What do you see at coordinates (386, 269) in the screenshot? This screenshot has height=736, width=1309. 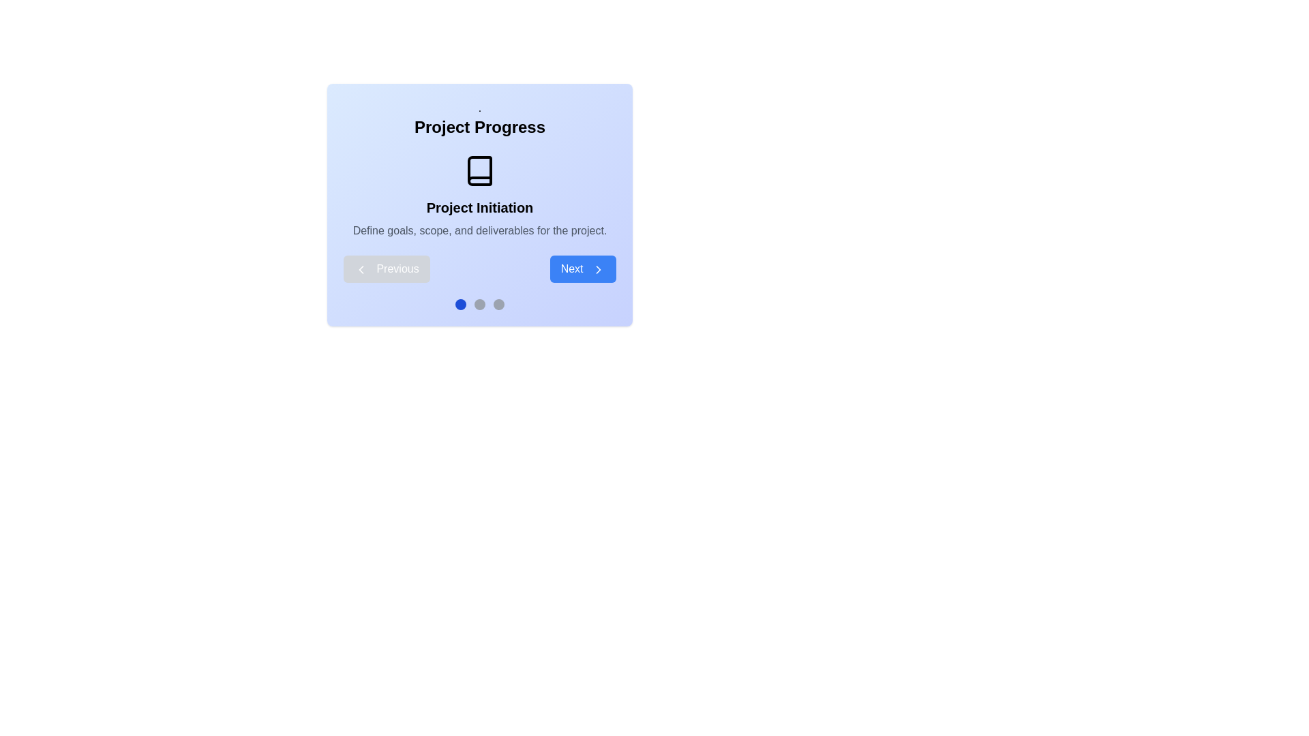 I see `the button located at the bottom left of the panel` at bounding box center [386, 269].